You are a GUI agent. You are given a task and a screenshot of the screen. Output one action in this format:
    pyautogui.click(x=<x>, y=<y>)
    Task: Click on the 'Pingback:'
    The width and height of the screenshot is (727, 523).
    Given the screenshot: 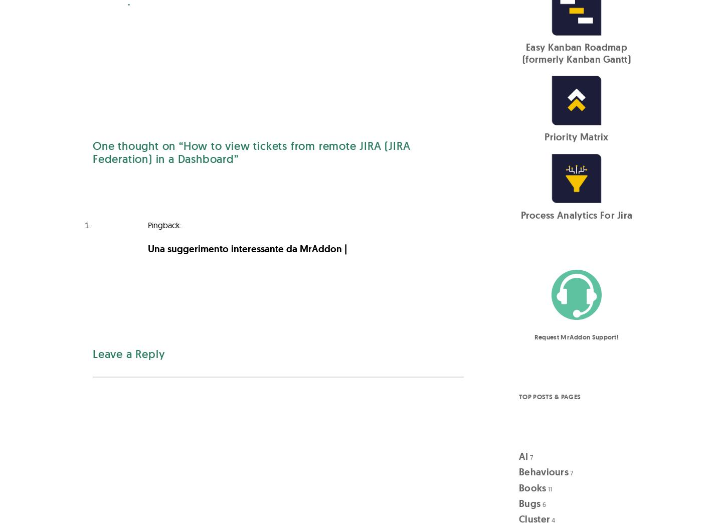 What is the action you would take?
    pyautogui.click(x=164, y=225)
    